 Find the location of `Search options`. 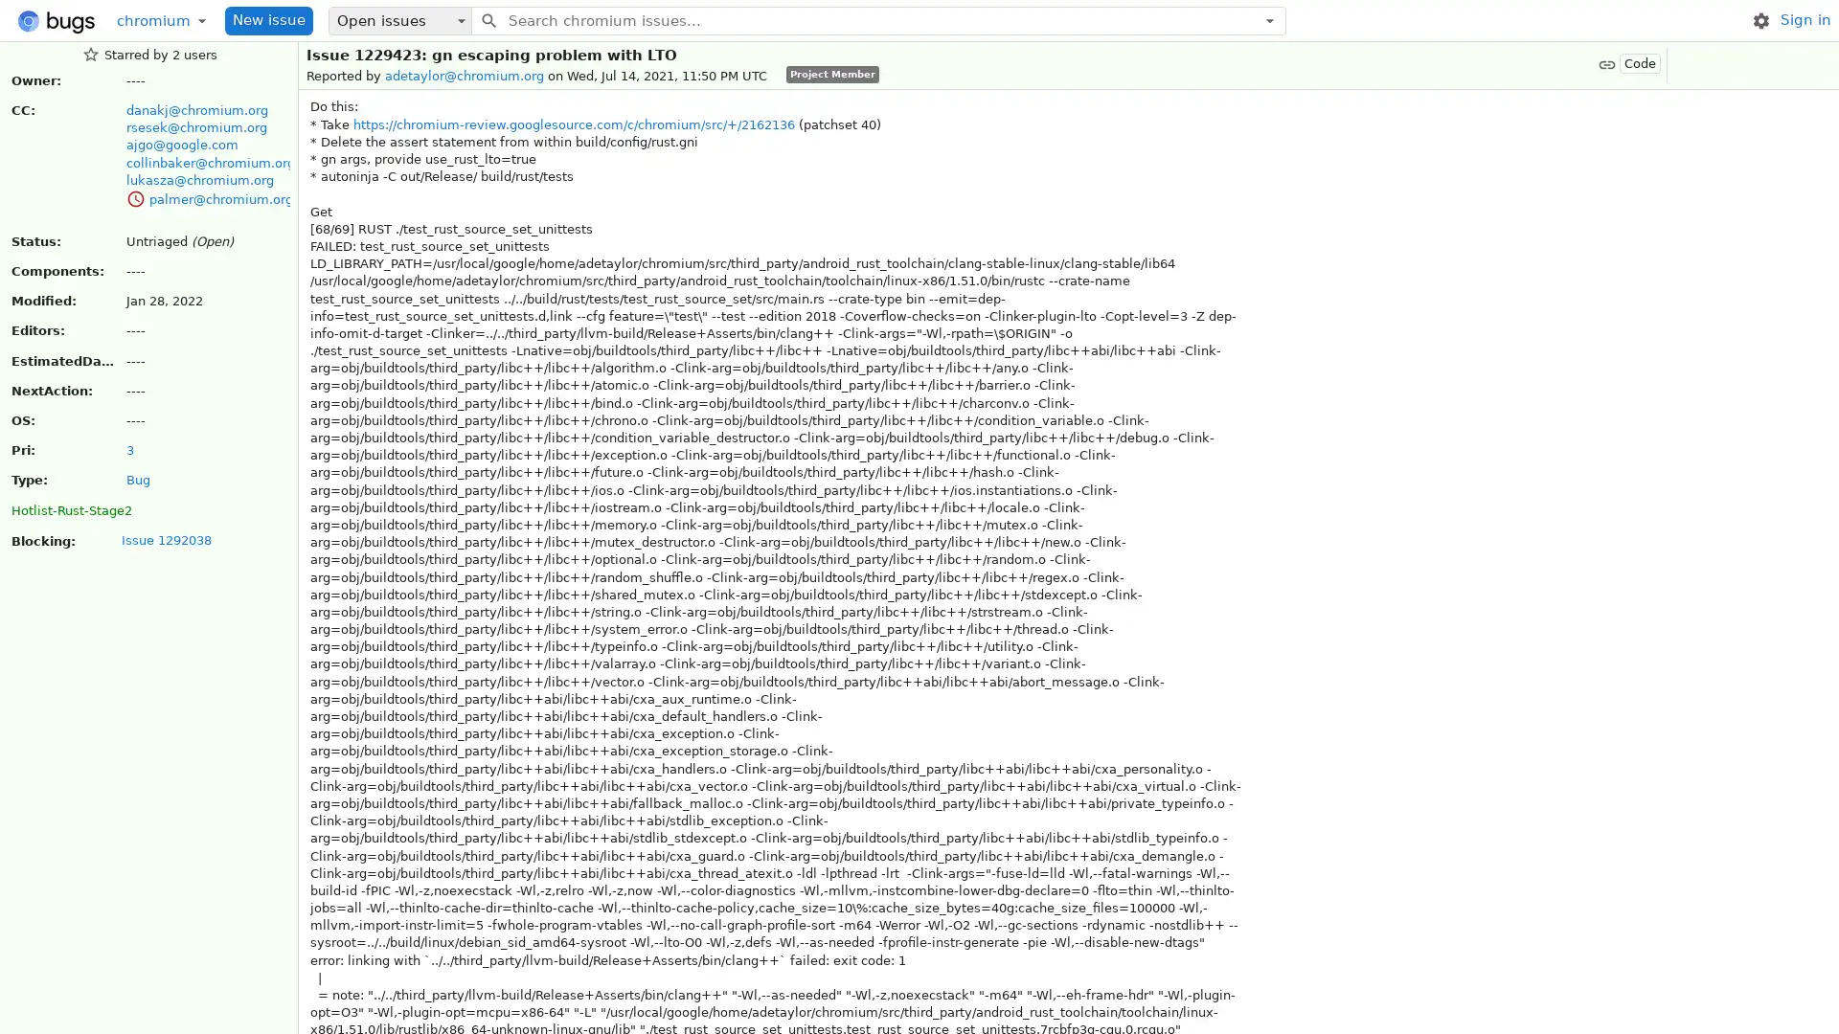

Search options is located at coordinates (1269, 19).